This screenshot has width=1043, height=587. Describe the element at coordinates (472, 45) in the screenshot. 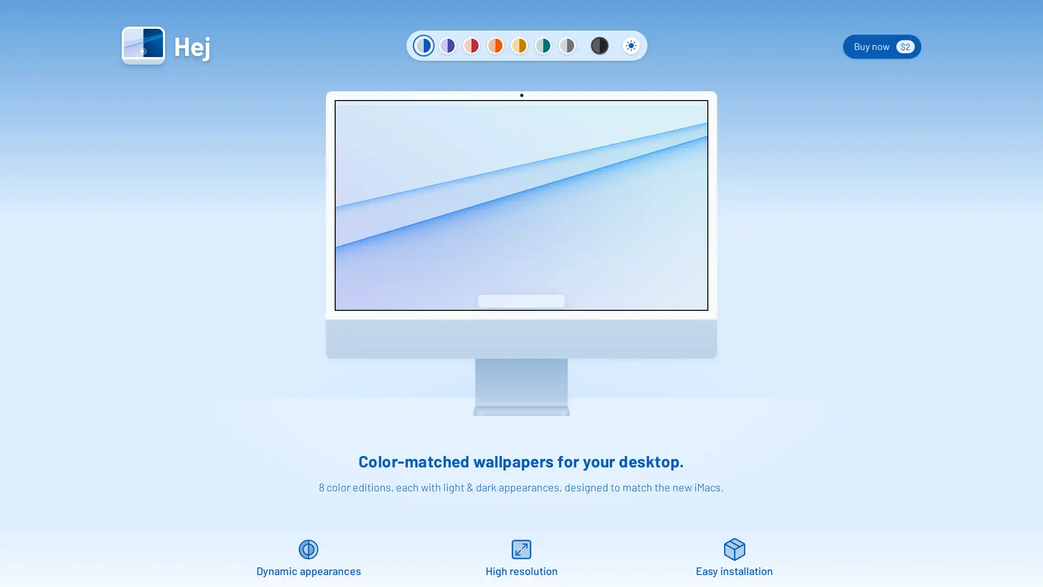

I see `Set theme to pink` at that location.